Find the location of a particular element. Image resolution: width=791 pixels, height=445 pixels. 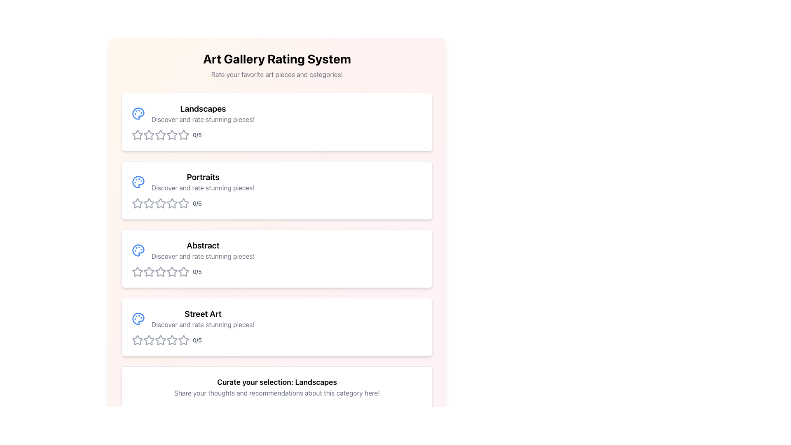

the fourth star icon in the rating system, which is outlined in gray and located under the 'Abstract' section is located at coordinates (160, 272).